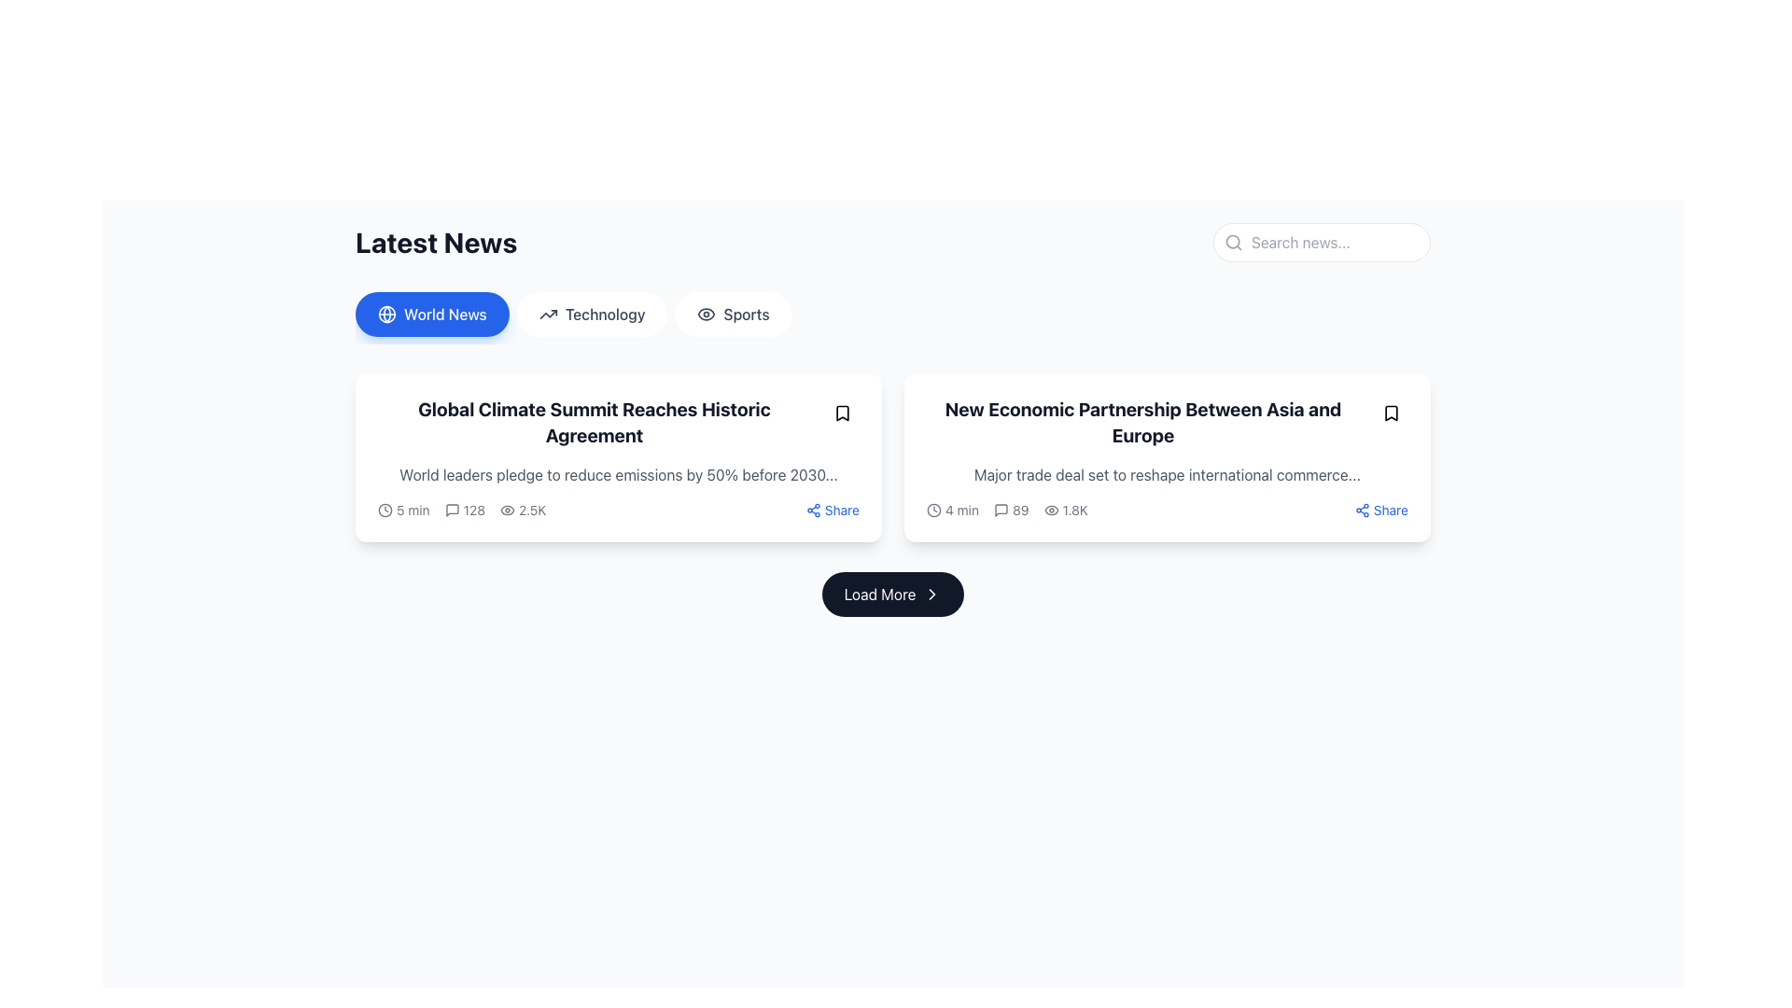 The height and width of the screenshot is (1008, 1792). I want to click on the share button located in the bottom-right corner of the card layout for the news article 'Global Climate Summit Reaches Historic Agreement' to initiate a share action, so click(832, 511).